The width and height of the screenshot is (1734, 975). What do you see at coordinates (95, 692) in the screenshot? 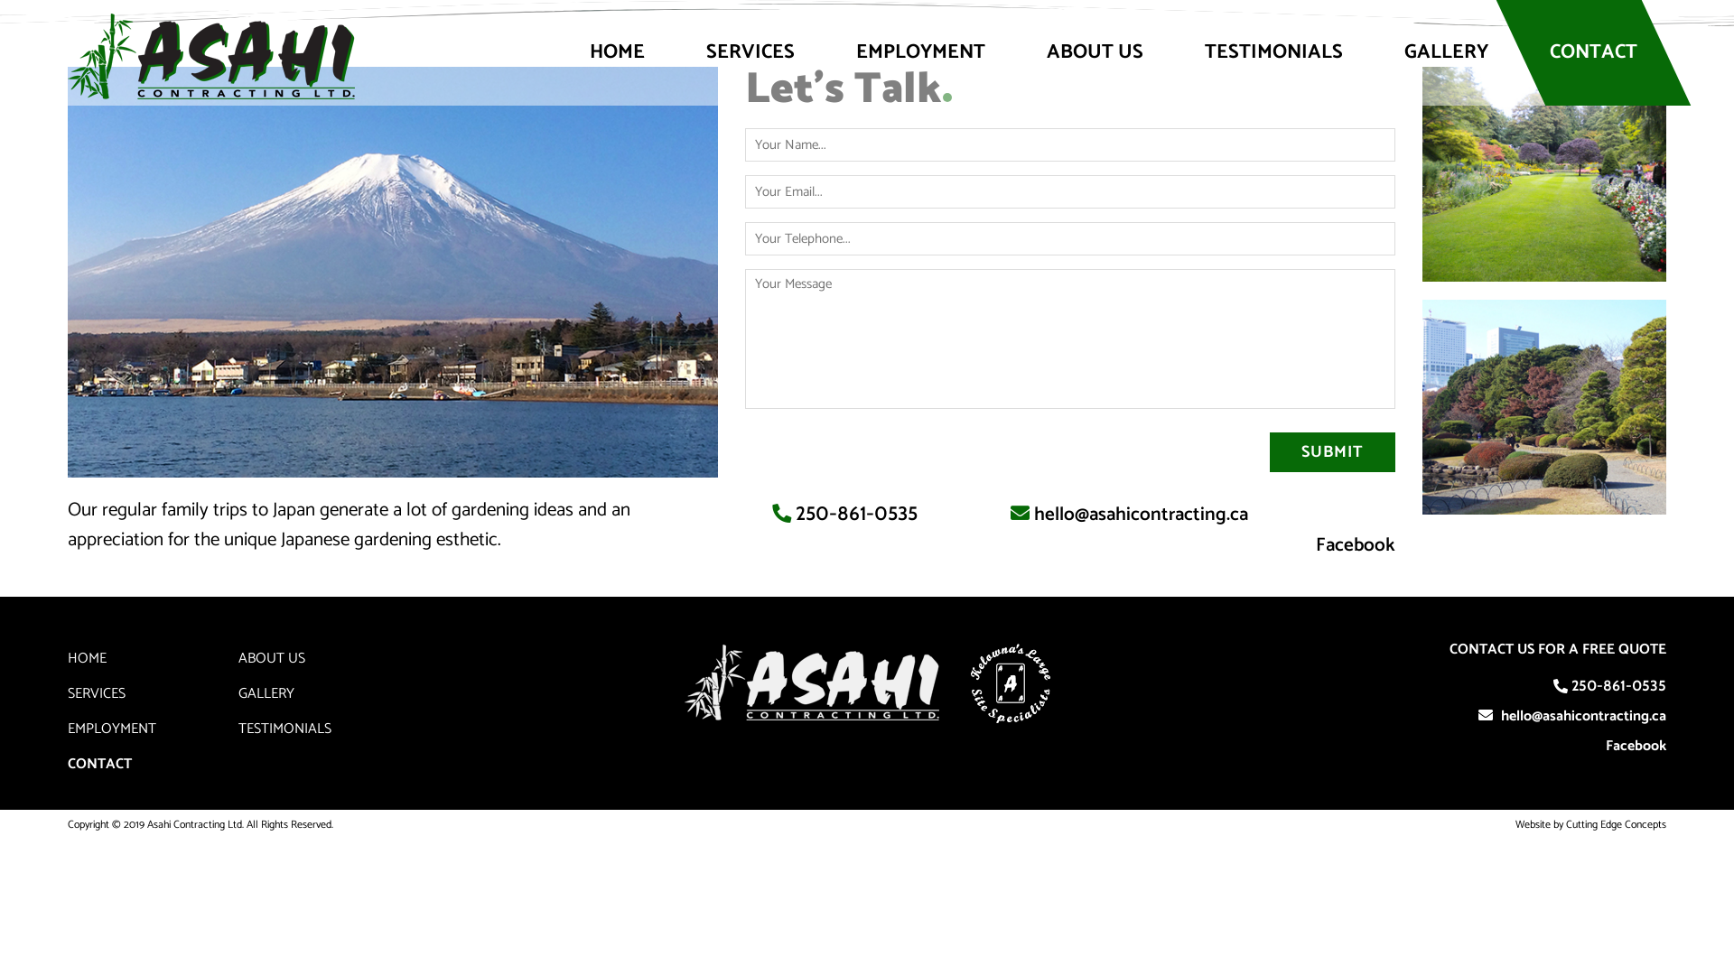
I see `'SERVICES'` at bounding box center [95, 692].